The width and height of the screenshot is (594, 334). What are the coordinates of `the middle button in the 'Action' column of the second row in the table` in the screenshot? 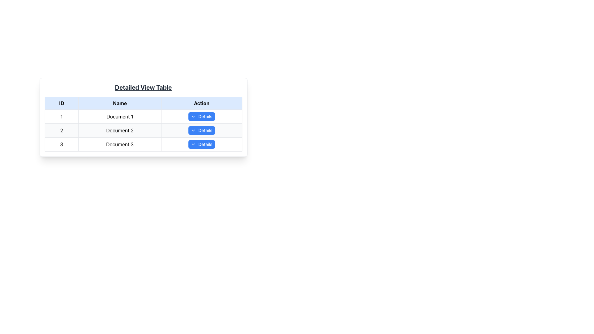 It's located at (201, 130).